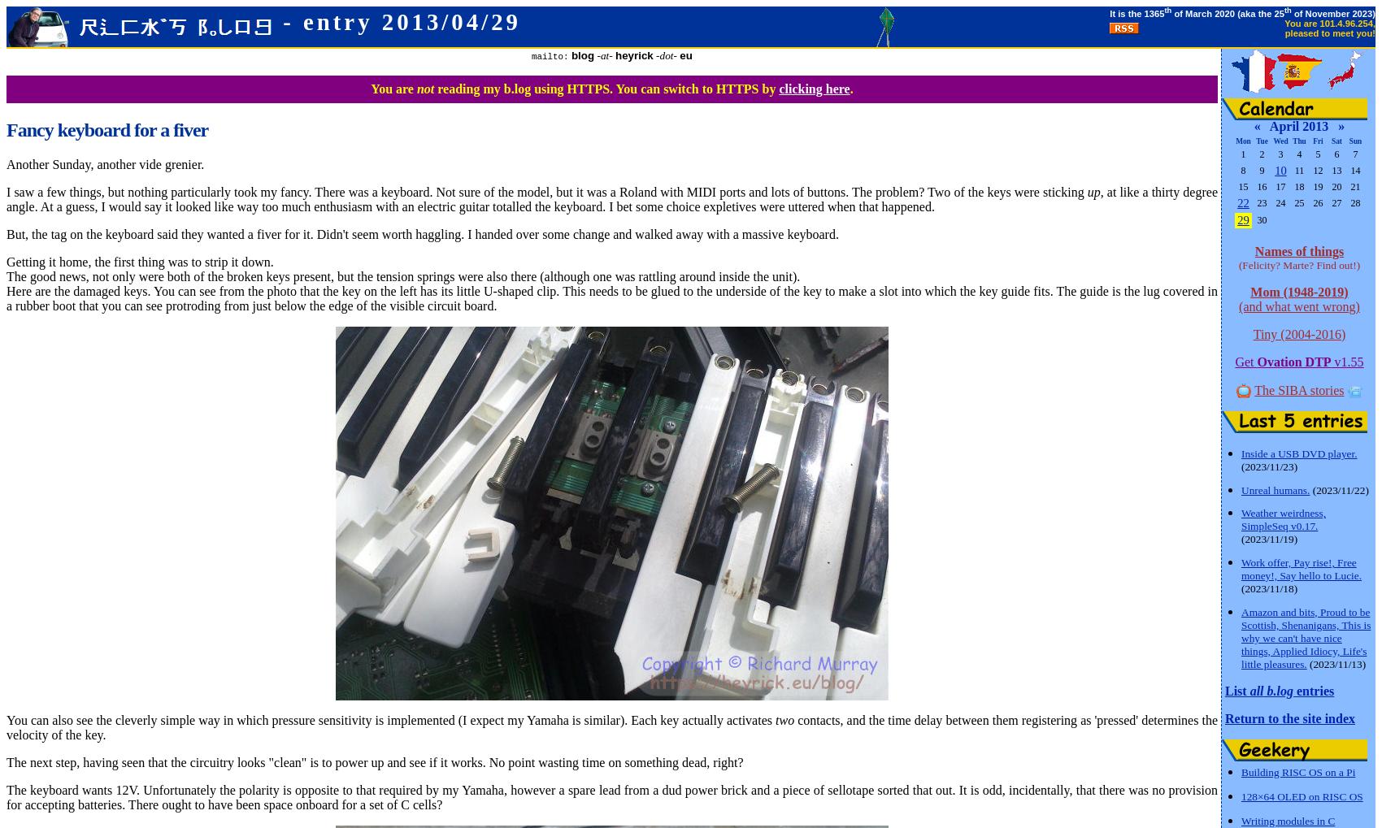 This screenshot has width=1382, height=828. What do you see at coordinates (1225, 717) in the screenshot?
I see `'Return to the site index'` at bounding box center [1225, 717].